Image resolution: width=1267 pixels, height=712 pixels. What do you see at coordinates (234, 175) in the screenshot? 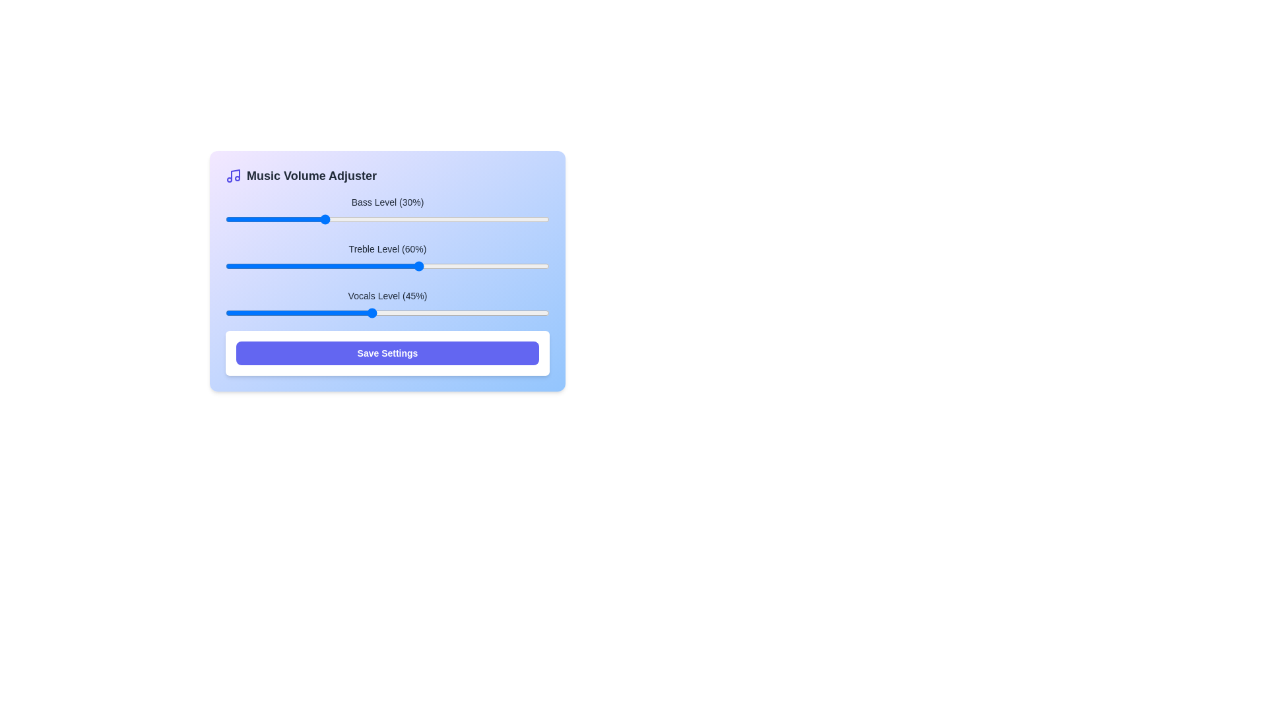
I see `the music volume adjustment icon located to the left of the header 'Music Volume Adjuster'` at bounding box center [234, 175].